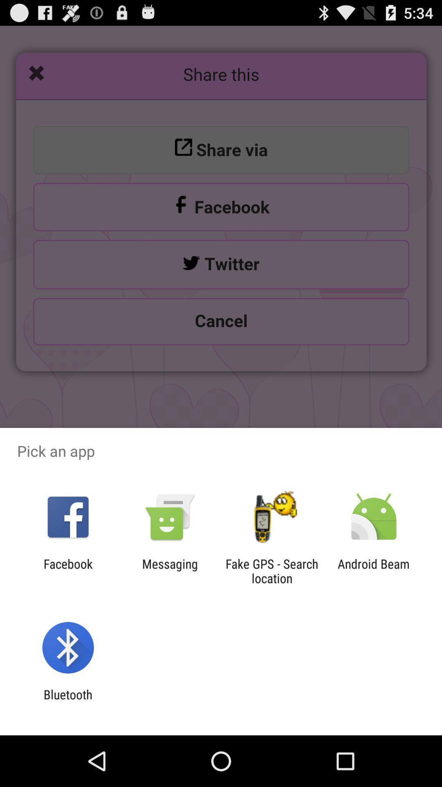 The width and height of the screenshot is (442, 787). I want to click on fake gps search item, so click(272, 571).